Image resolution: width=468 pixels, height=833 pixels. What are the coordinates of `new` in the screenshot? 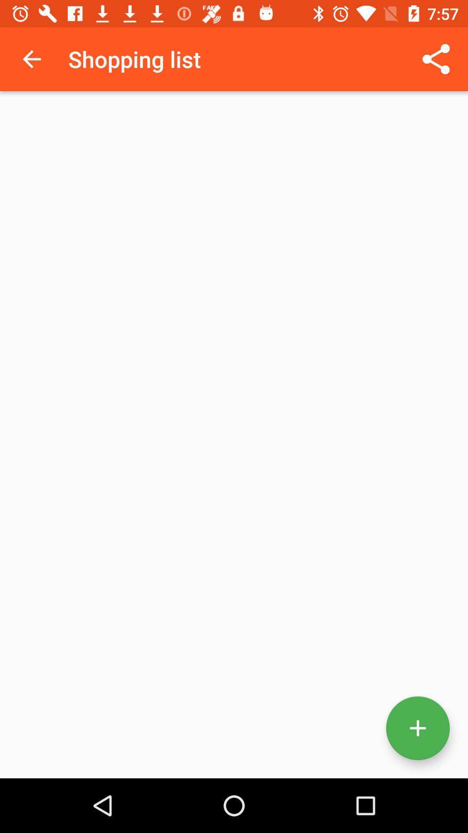 It's located at (417, 728).